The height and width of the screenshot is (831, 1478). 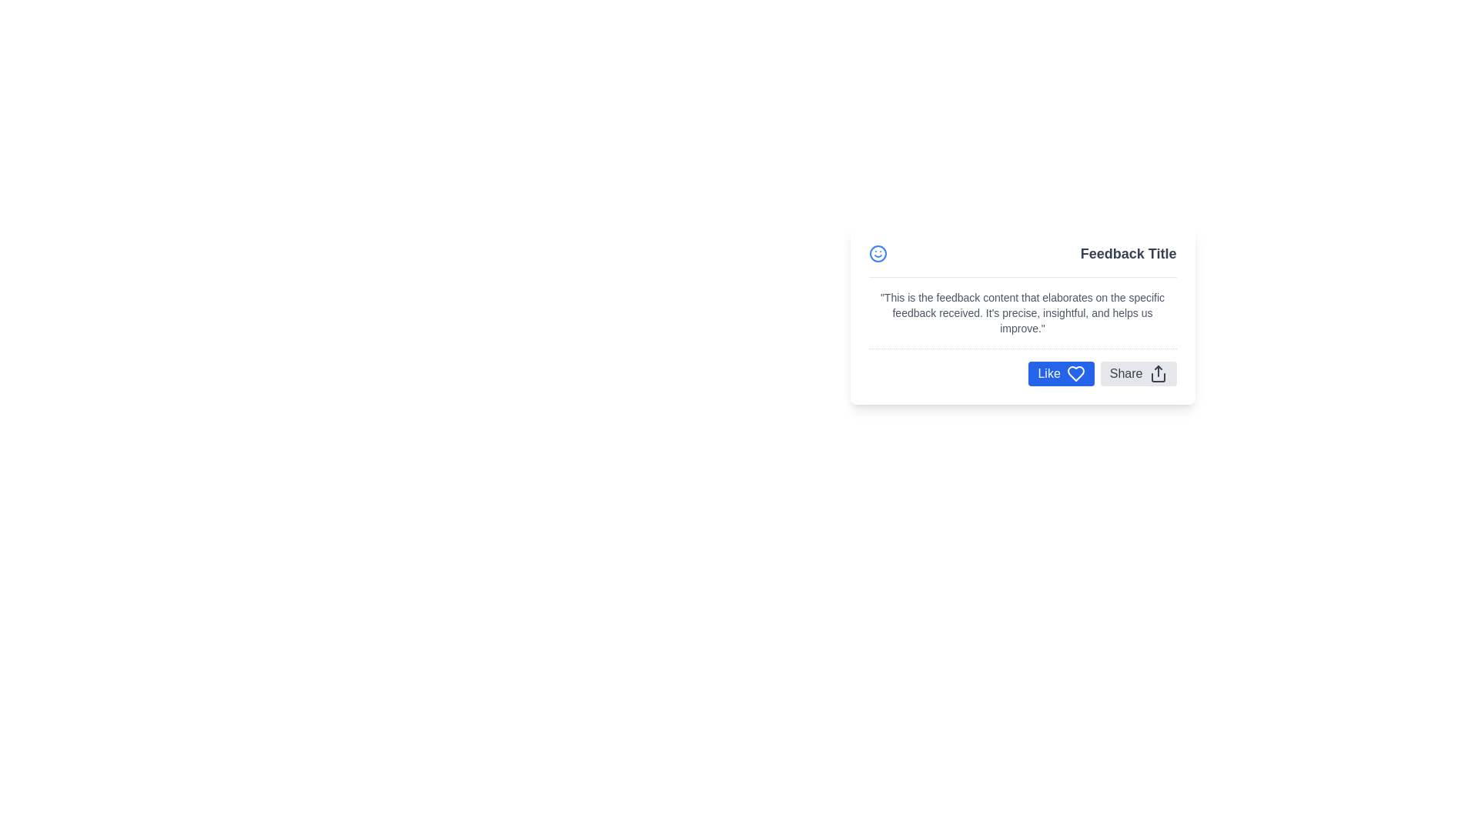 I want to click on the heart-shaped icon with a blue outline located to the right of the text 'Like' within the 'Like' button in the bottom-right portion of the feedback card, so click(x=1075, y=374).